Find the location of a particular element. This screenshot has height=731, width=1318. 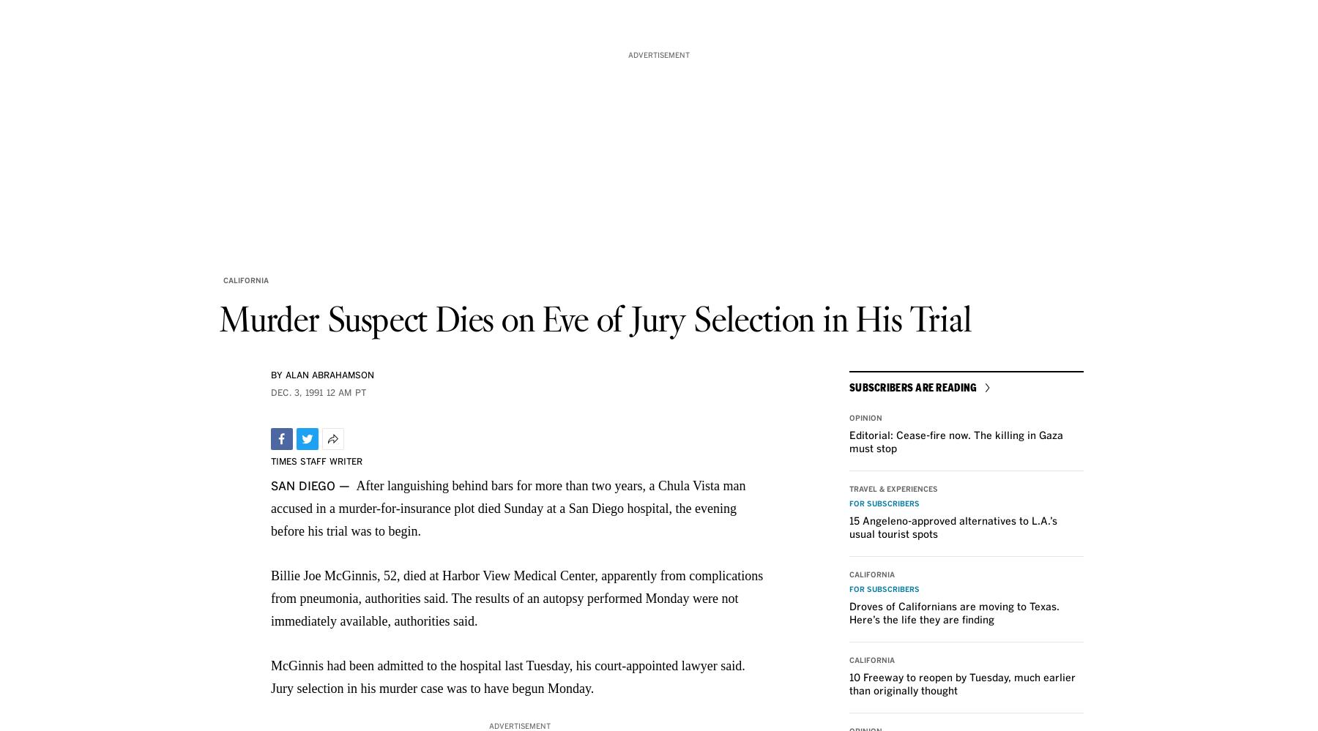

'McGinnis had been admitted to the hospital last Tuesday, his court-appointed lawyer said. Jury selection in his murder case was to have begun Monday.' is located at coordinates (507, 677).